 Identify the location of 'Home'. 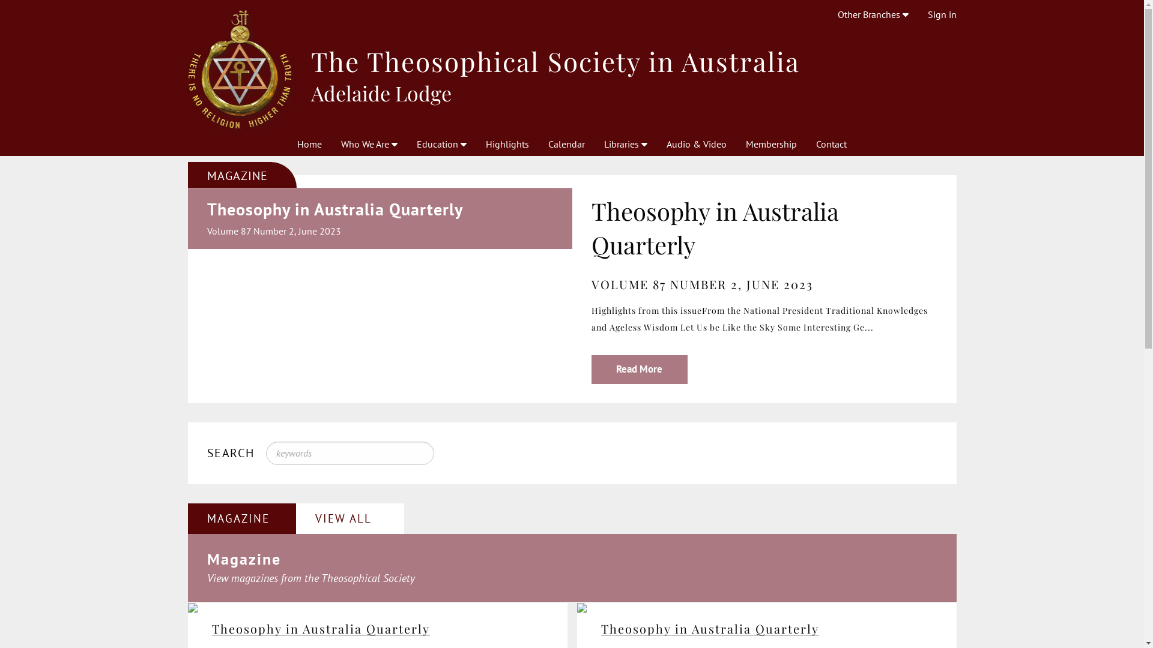
(309, 143).